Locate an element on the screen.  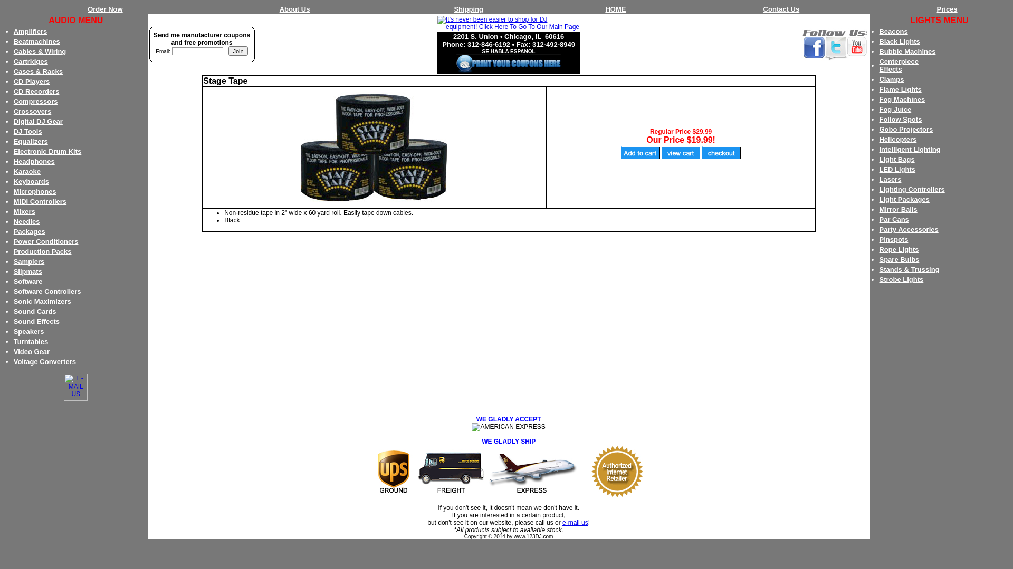
'Keyboards' is located at coordinates (31, 181).